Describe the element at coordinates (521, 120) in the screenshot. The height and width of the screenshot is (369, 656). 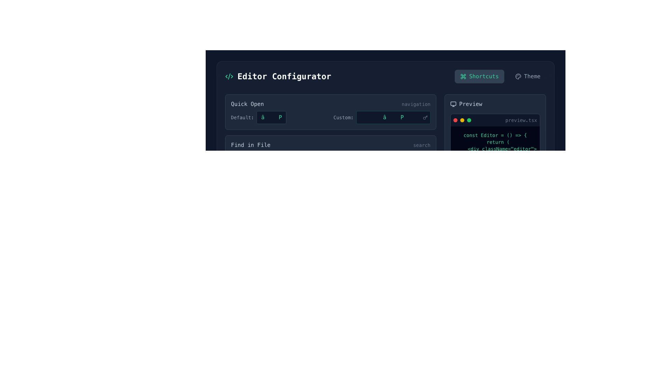
I see `the static text element located in the header bar, which indicates the name of a file or component, positioned to the right of three colored circular indicators` at that location.